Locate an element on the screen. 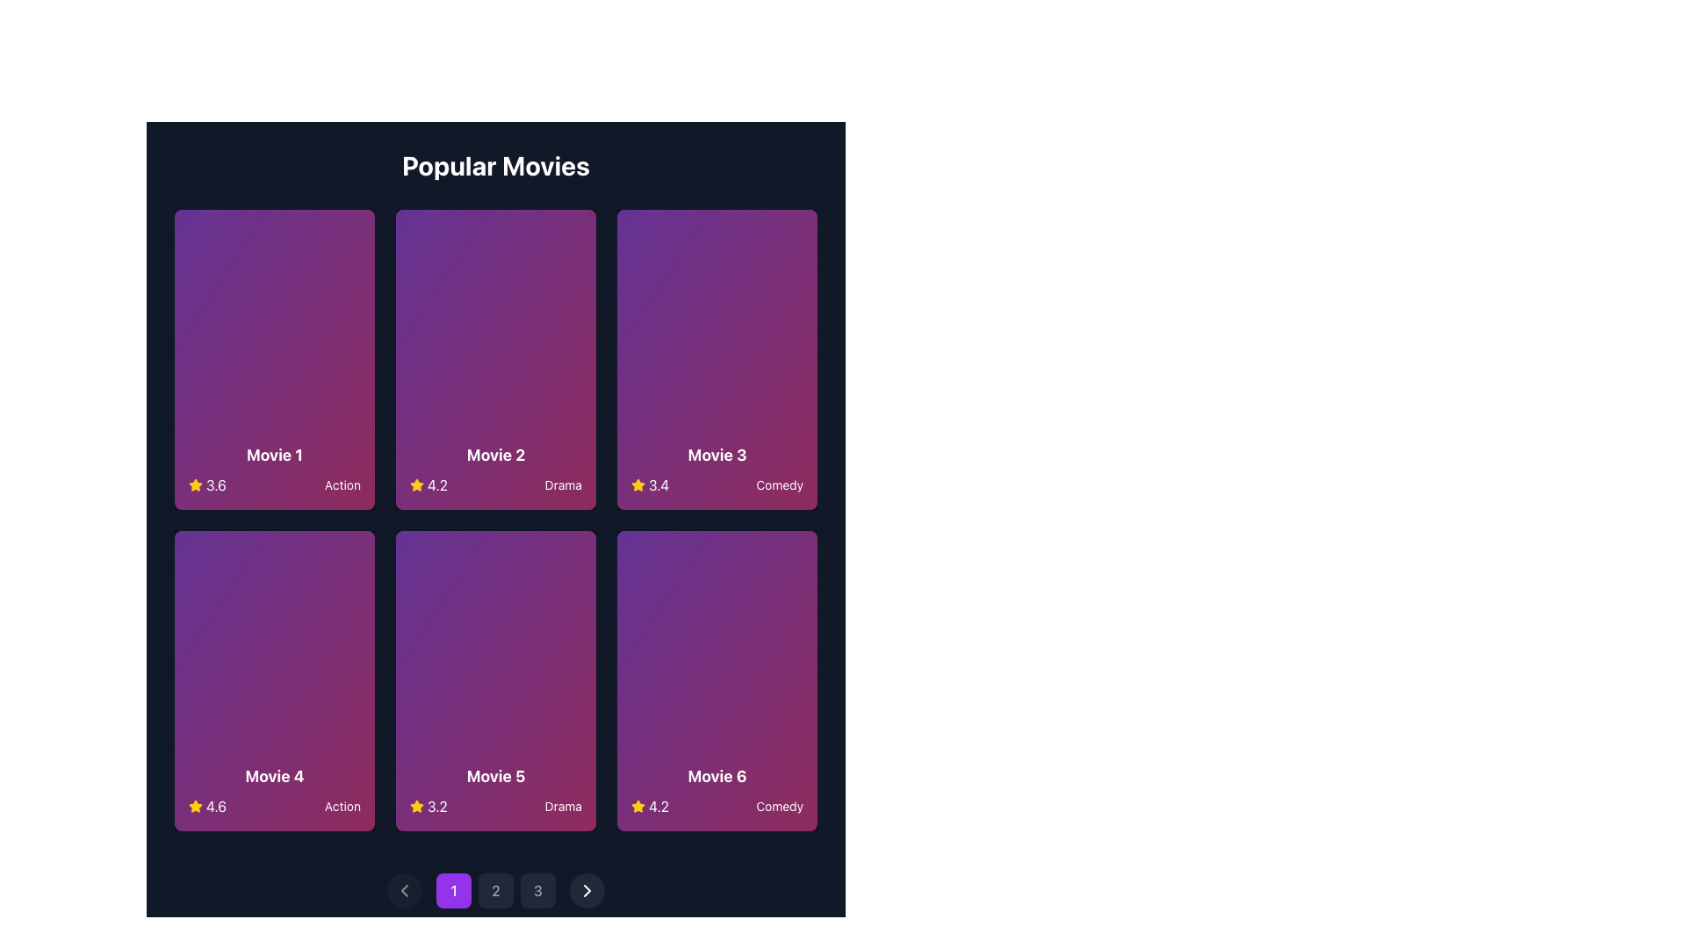  the average rating text label located at the bottom left corner of the 'Movie 5' card to emphasize it is located at coordinates (429, 806).